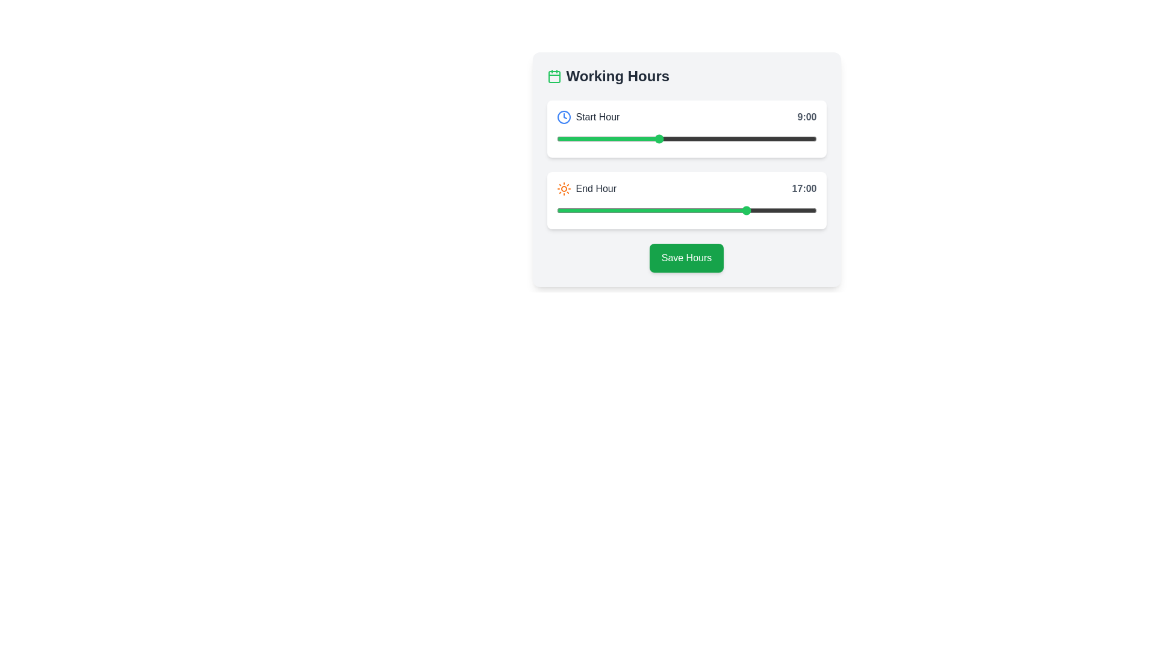 The height and width of the screenshot is (650, 1156). What do you see at coordinates (608, 76) in the screenshot?
I see `the 'Working Hours' heading, which is a bold, large text component with a green calendar icon on its left, located in the top-left of a content card` at bounding box center [608, 76].